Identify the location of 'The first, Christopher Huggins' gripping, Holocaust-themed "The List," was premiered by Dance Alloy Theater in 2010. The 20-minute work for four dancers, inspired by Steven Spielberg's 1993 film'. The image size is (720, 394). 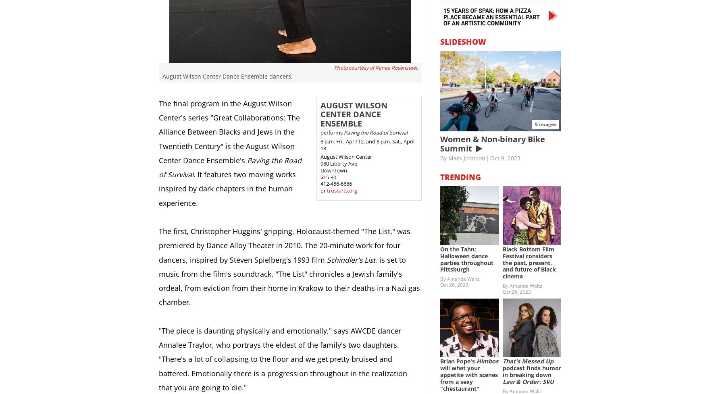
(285, 245).